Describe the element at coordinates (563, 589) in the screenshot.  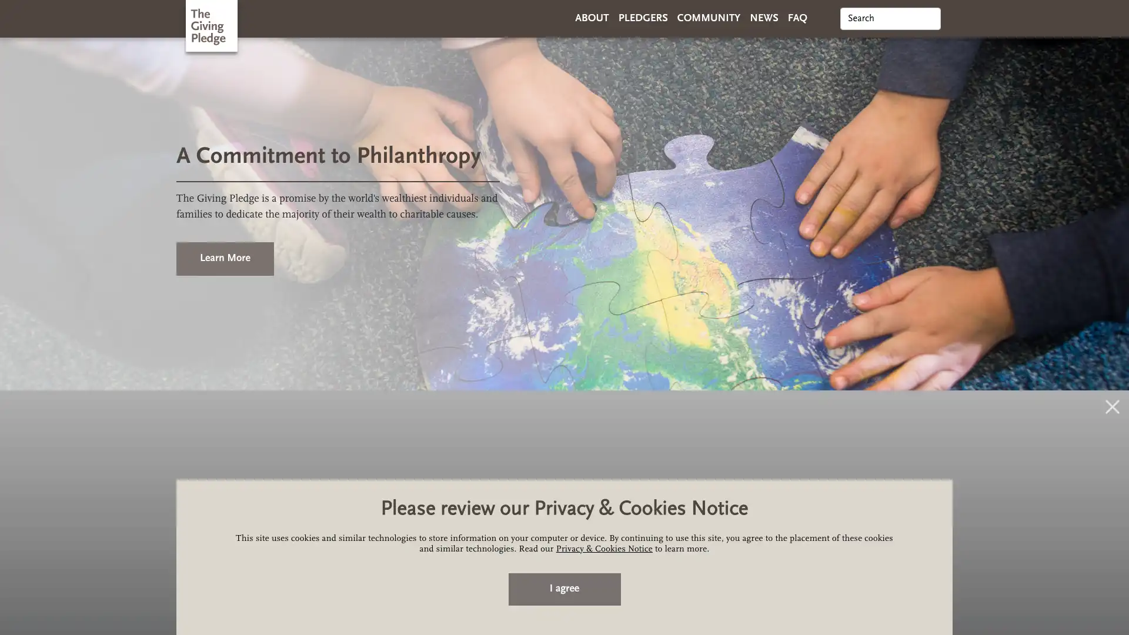
I see `I agree` at that location.